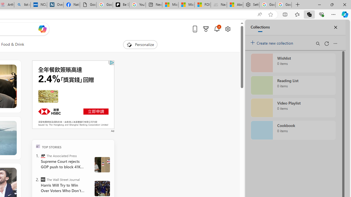  I want to click on 'TOP', so click(38, 146).